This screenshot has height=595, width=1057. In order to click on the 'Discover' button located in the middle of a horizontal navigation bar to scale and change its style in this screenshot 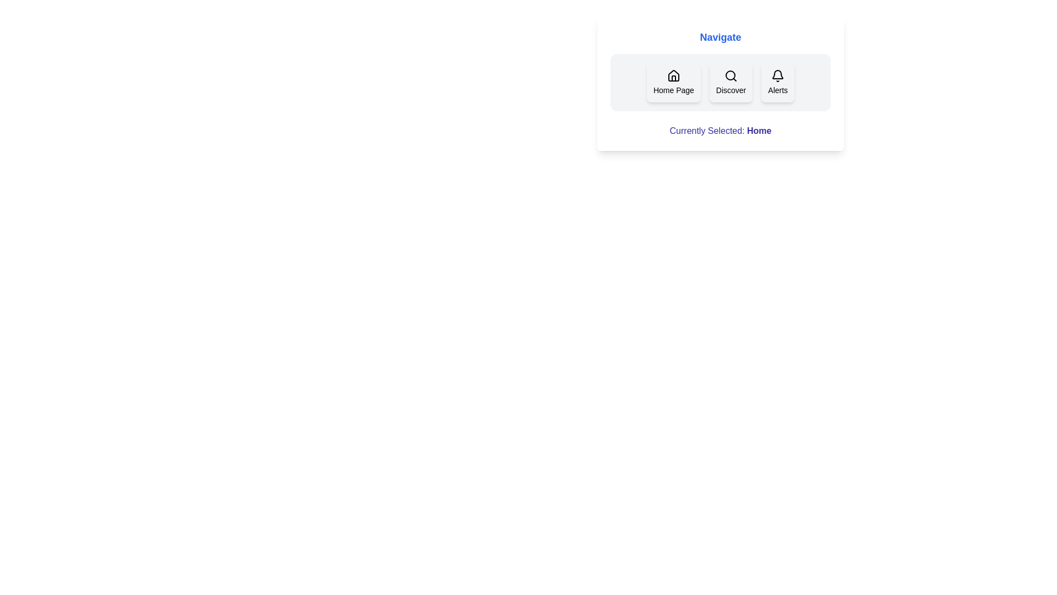, I will do `click(731, 82)`.